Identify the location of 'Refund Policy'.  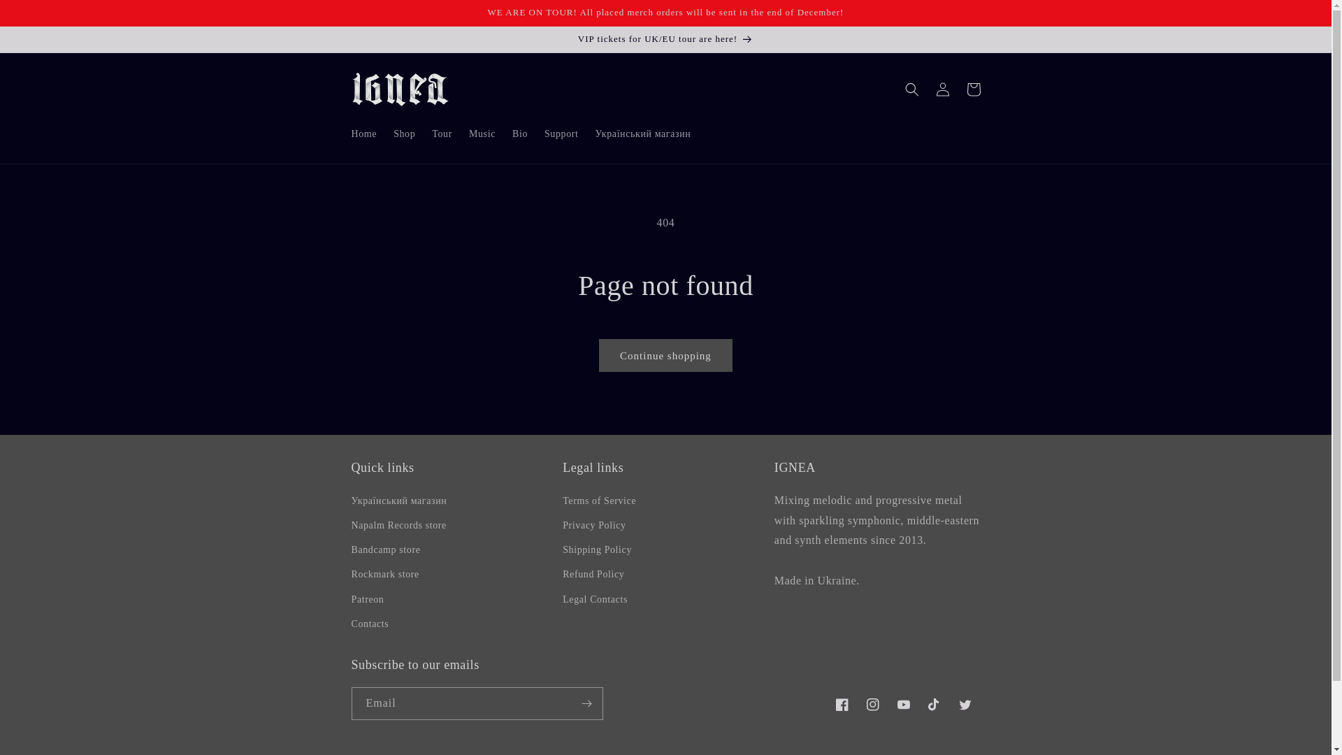
(593, 574).